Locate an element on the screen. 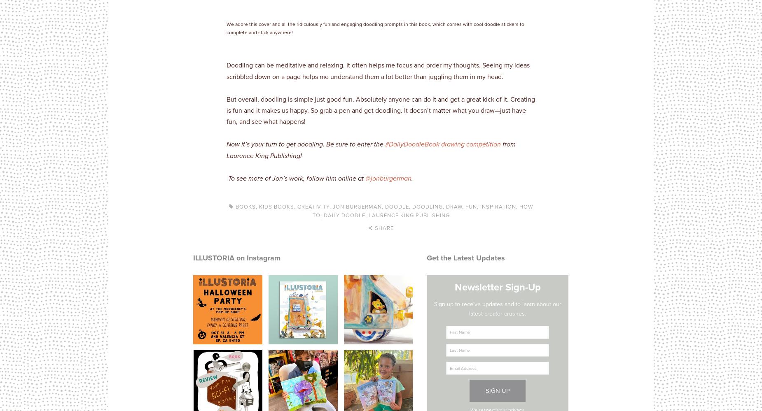  'Newsletter Sign-Up' is located at coordinates (497, 287).